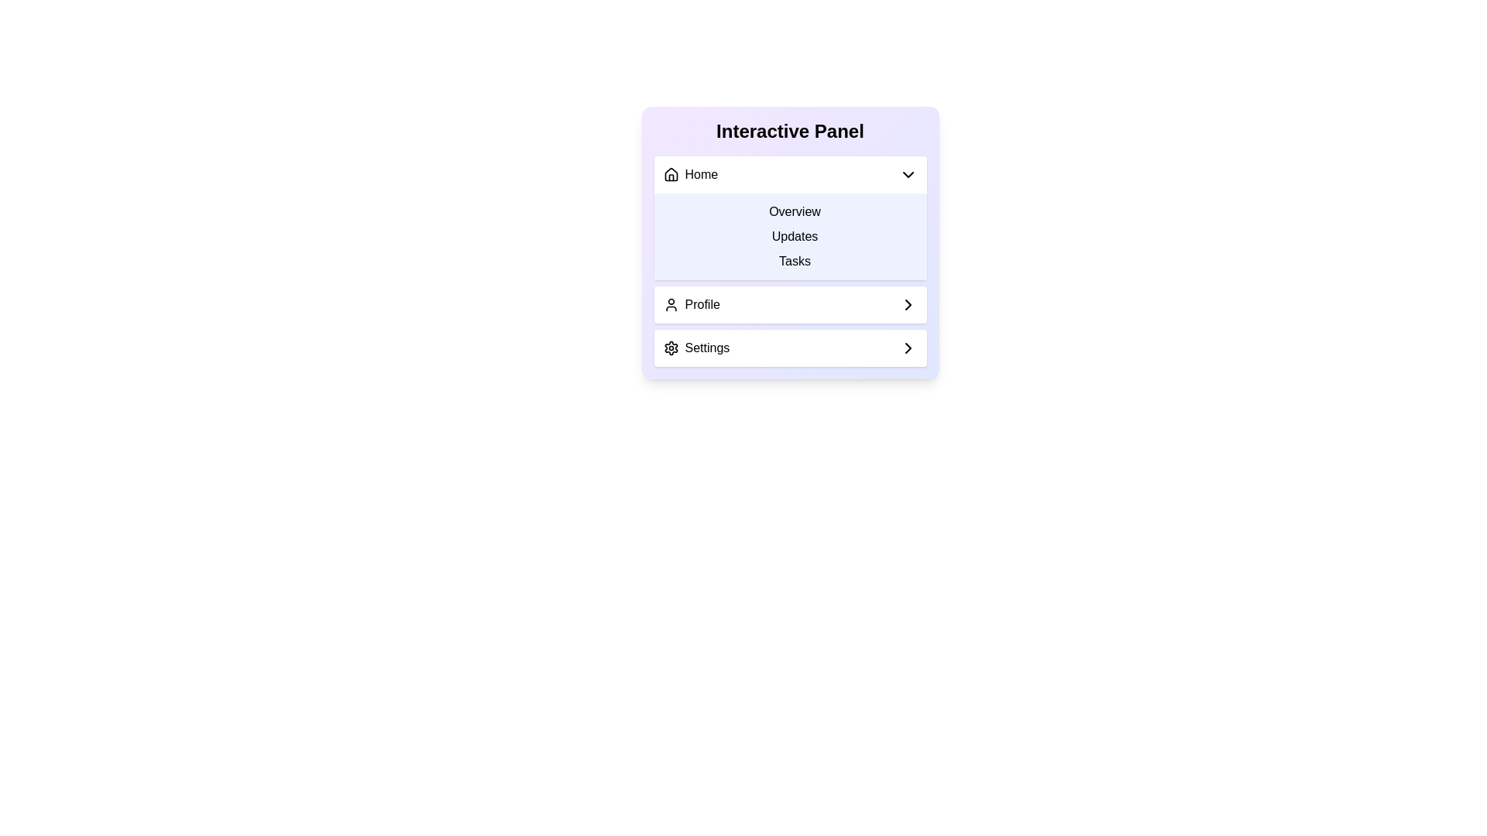  What do you see at coordinates (908, 304) in the screenshot?
I see `the right-pointing chevron SVG icon located in the 'Profile' section` at bounding box center [908, 304].